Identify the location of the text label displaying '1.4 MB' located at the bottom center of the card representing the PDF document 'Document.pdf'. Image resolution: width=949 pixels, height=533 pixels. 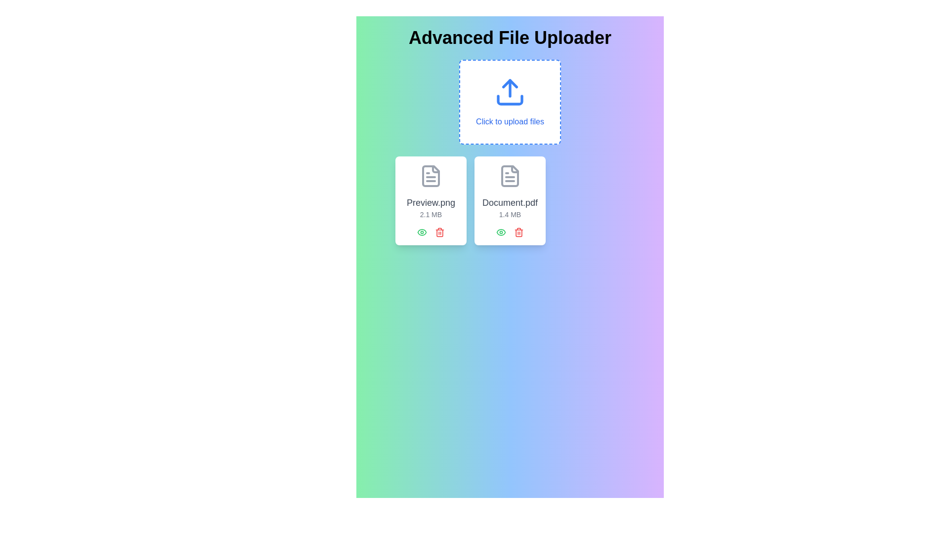
(510, 214).